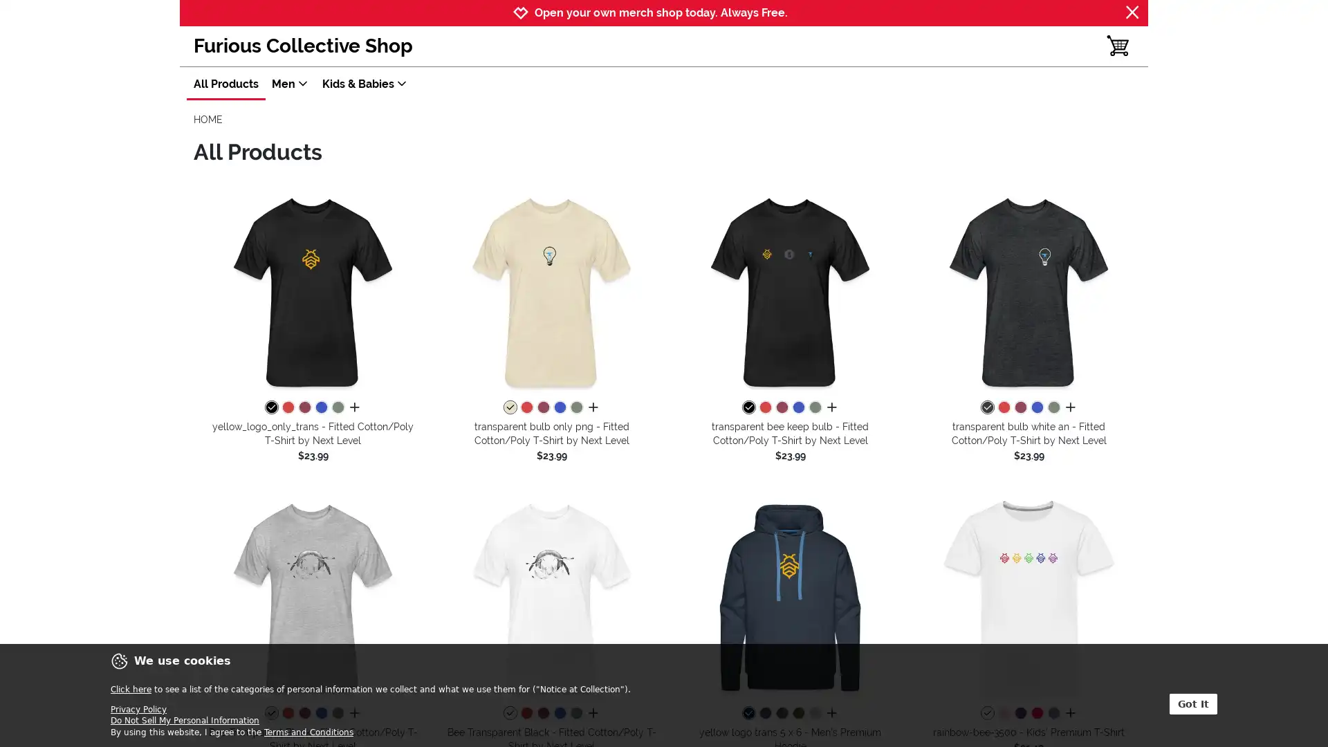 The width and height of the screenshot is (1328, 747). What do you see at coordinates (542, 407) in the screenshot?
I see `heather burgundy` at bounding box center [542, 407].